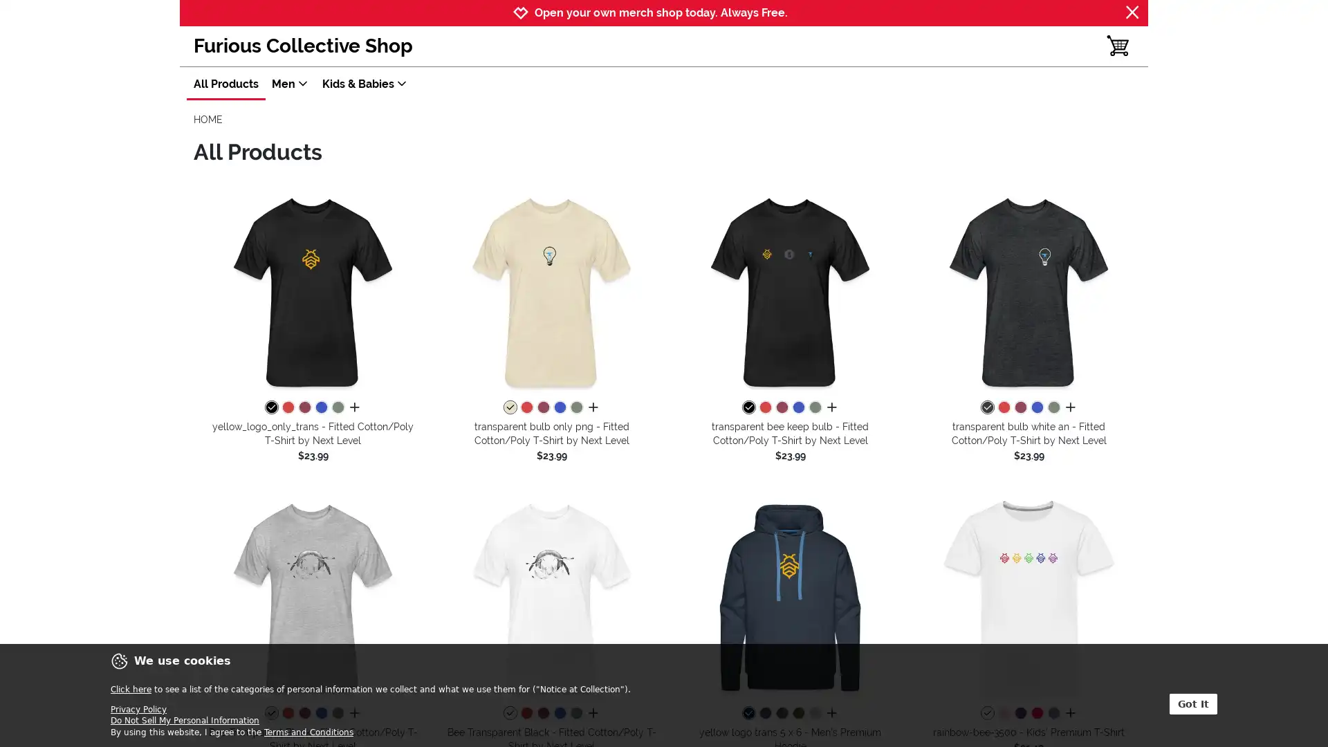 The width and height of the screenshot is (1328, 747). What do you see at coordinates (542, 407) in the screenshot?
I see `heather burgundy` at bounding box center [542, 407].